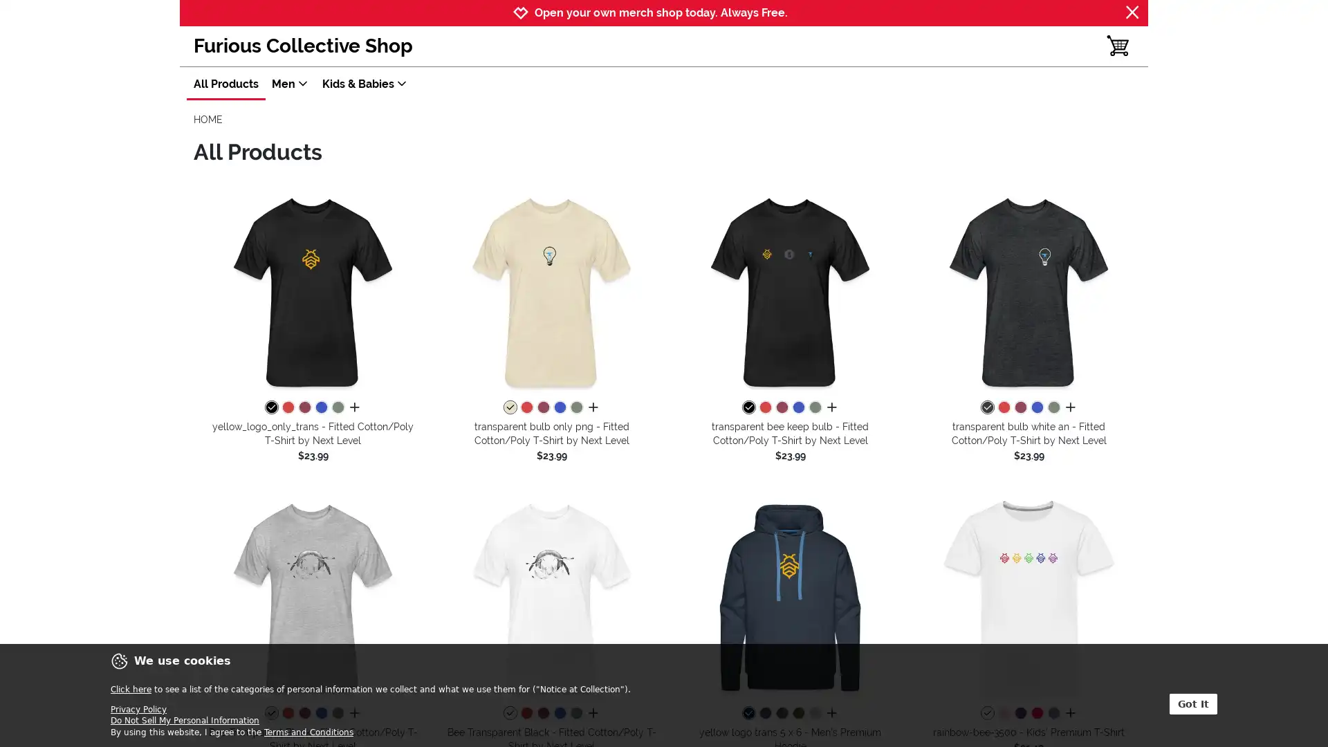 The width and height of the screenshot is (1328, 747). What do you see at coordinates (542, 407) in the screenshot?
I see `heather burgundy` at bounding box center [542, 407].